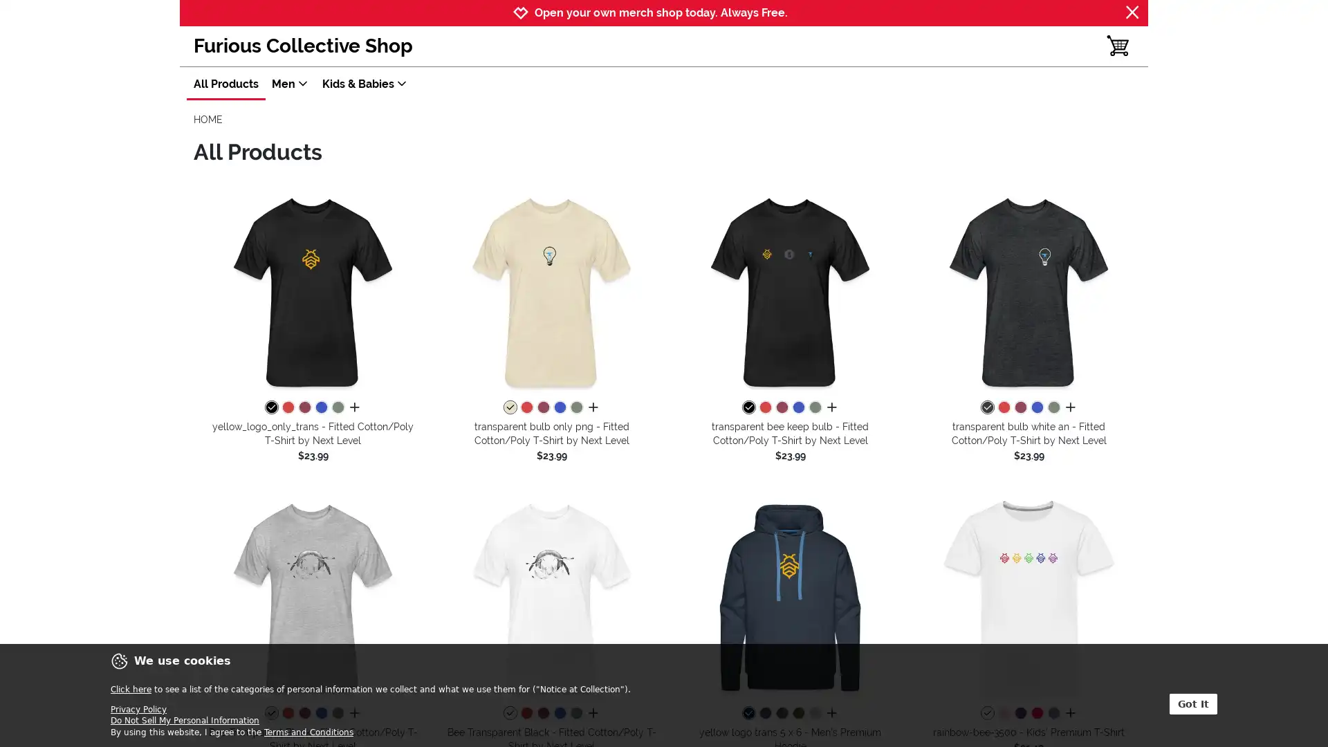 The width and height of the screenshot is (1328, 747). What do you see at coordinates (542, 407) in the screenshot?
I see `heather burgundy` at bounding box center [542, 407].